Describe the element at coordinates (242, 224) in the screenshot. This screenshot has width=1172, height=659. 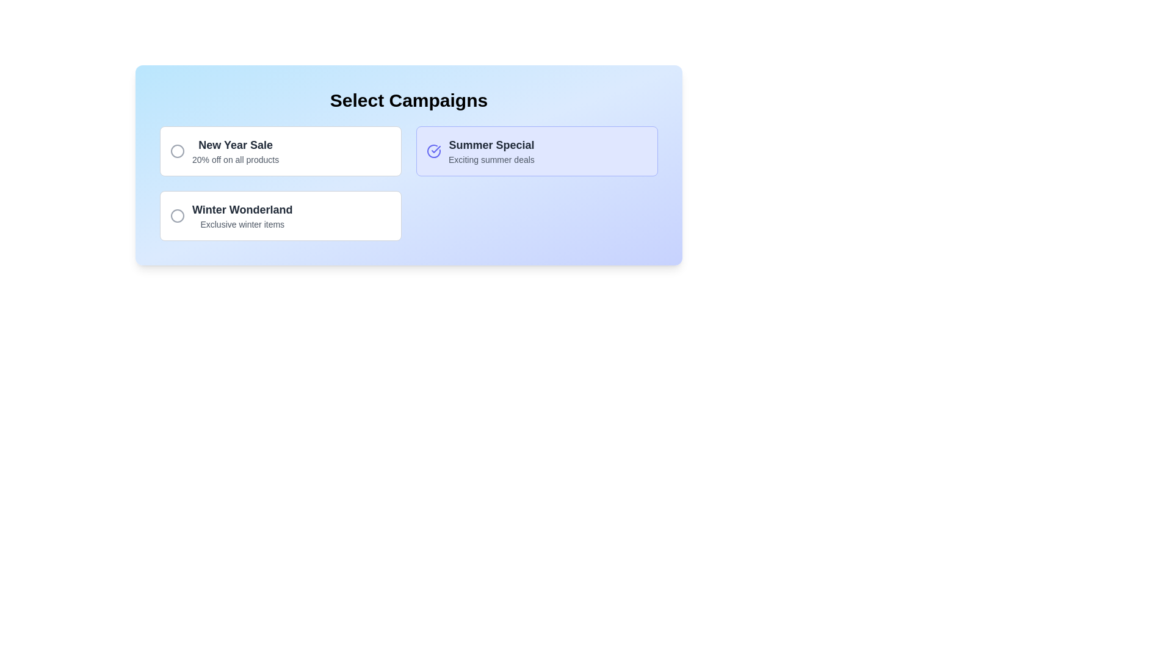
I see `the text label displaying 'Exclusive winter items.' which is located below the bolded text 'Winter Wonderland' in the campaign selection interface` at that location.